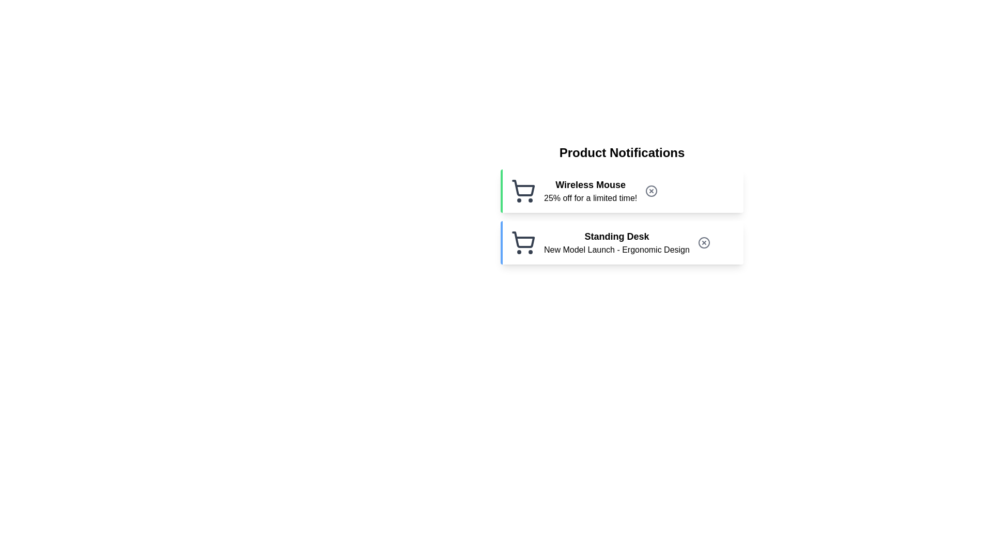  Describe the element at coordinates (523, 191) in the screenshot. I see `the shopping cart icon to observe its details` at that location.